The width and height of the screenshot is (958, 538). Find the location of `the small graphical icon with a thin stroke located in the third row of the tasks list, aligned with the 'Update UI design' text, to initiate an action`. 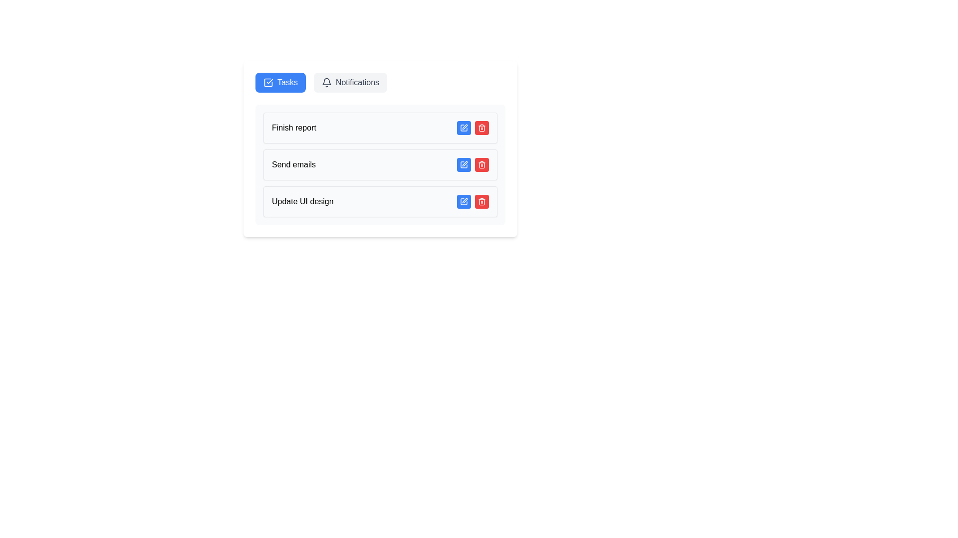

the small graphical icon with a thin stroke located in the third row of the tasks list, aligned with the 'Update UI design' text, to initiate an action is located at coordinates (464, 200).